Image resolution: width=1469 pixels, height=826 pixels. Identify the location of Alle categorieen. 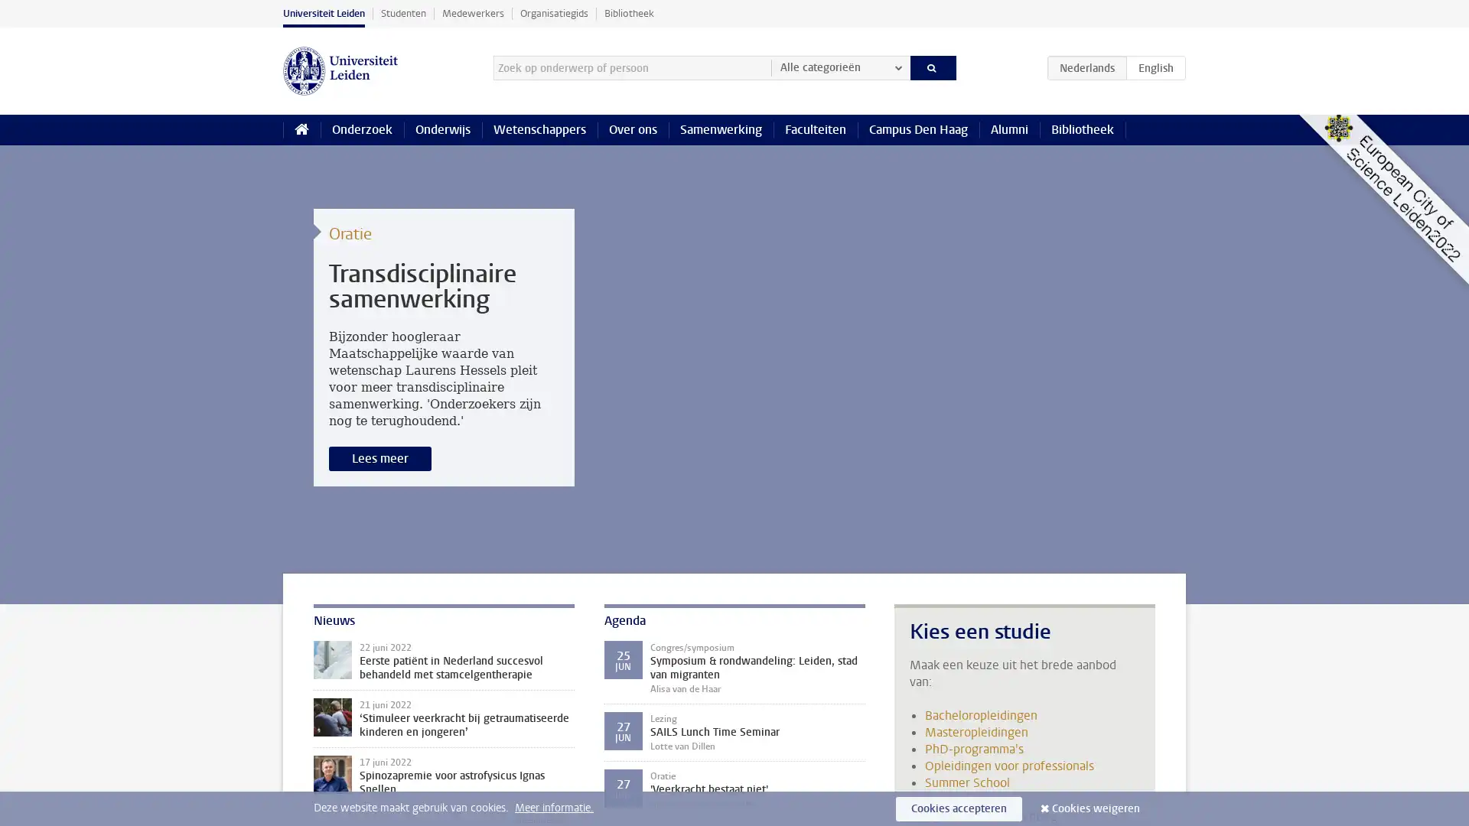
(839, 67).